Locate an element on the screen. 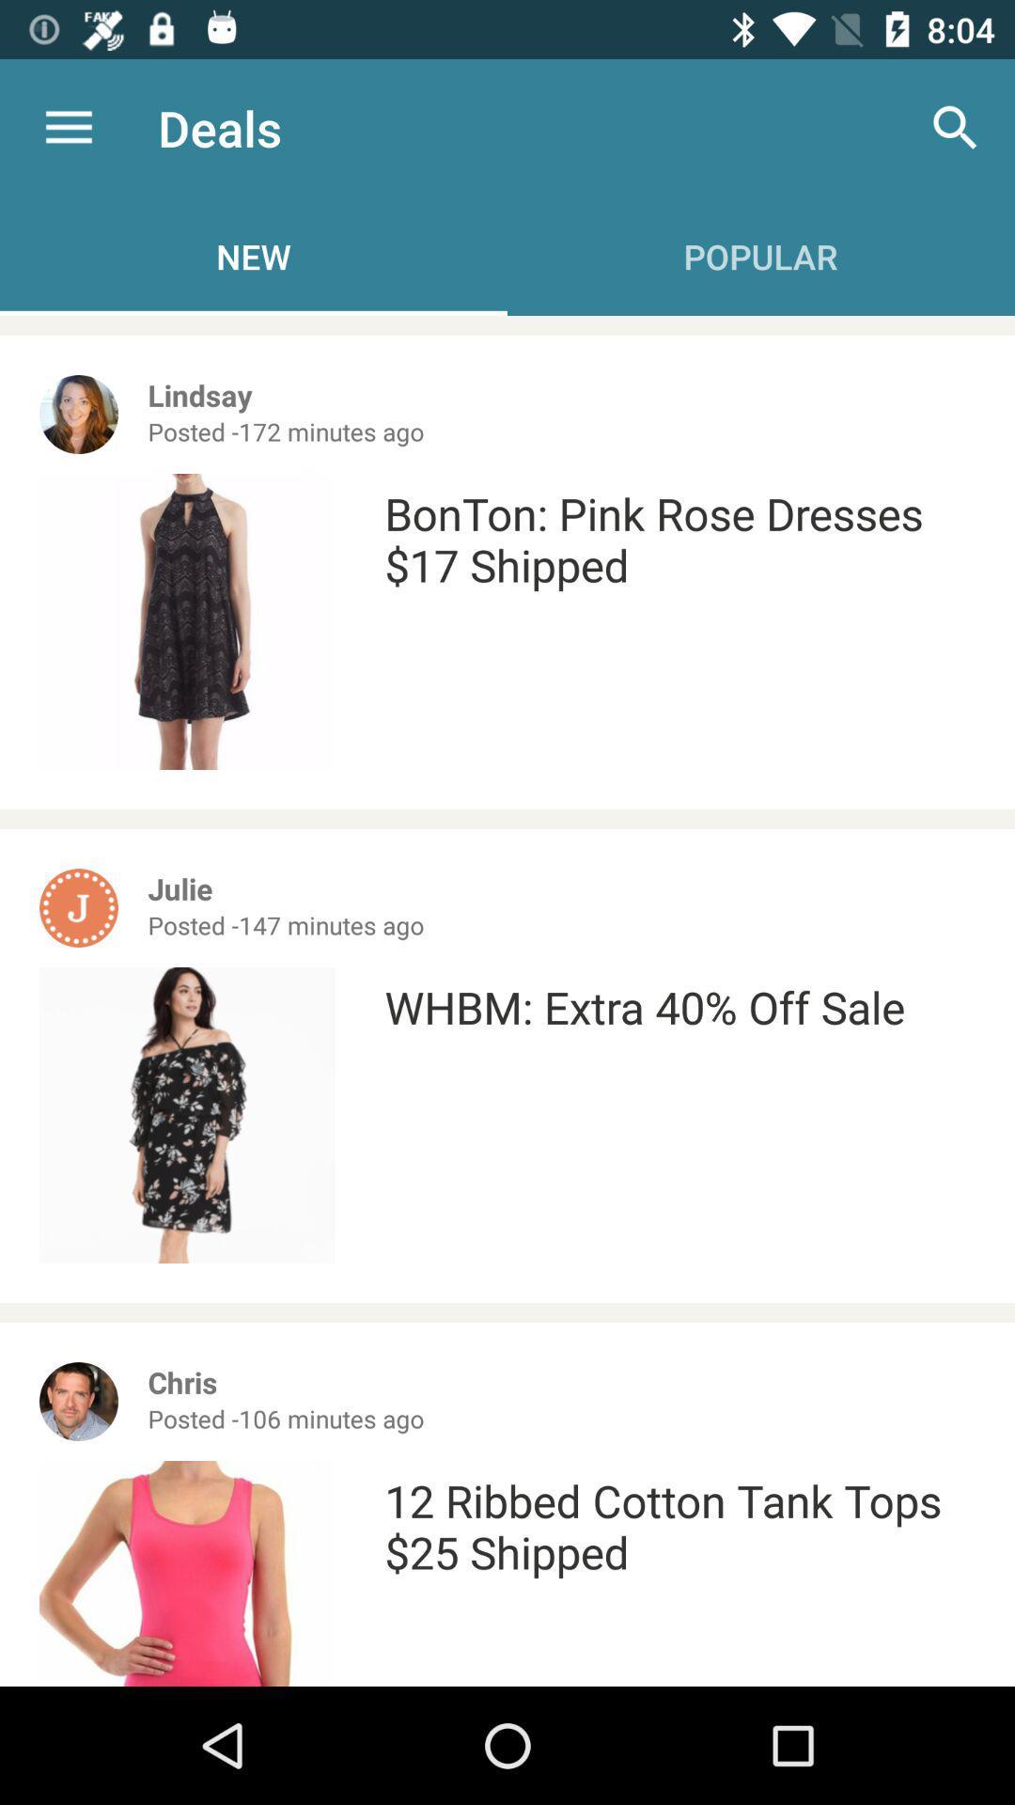 This screenshot has height=1805, width=1015. the icon j in orange color is located at coordinates (78, 907).